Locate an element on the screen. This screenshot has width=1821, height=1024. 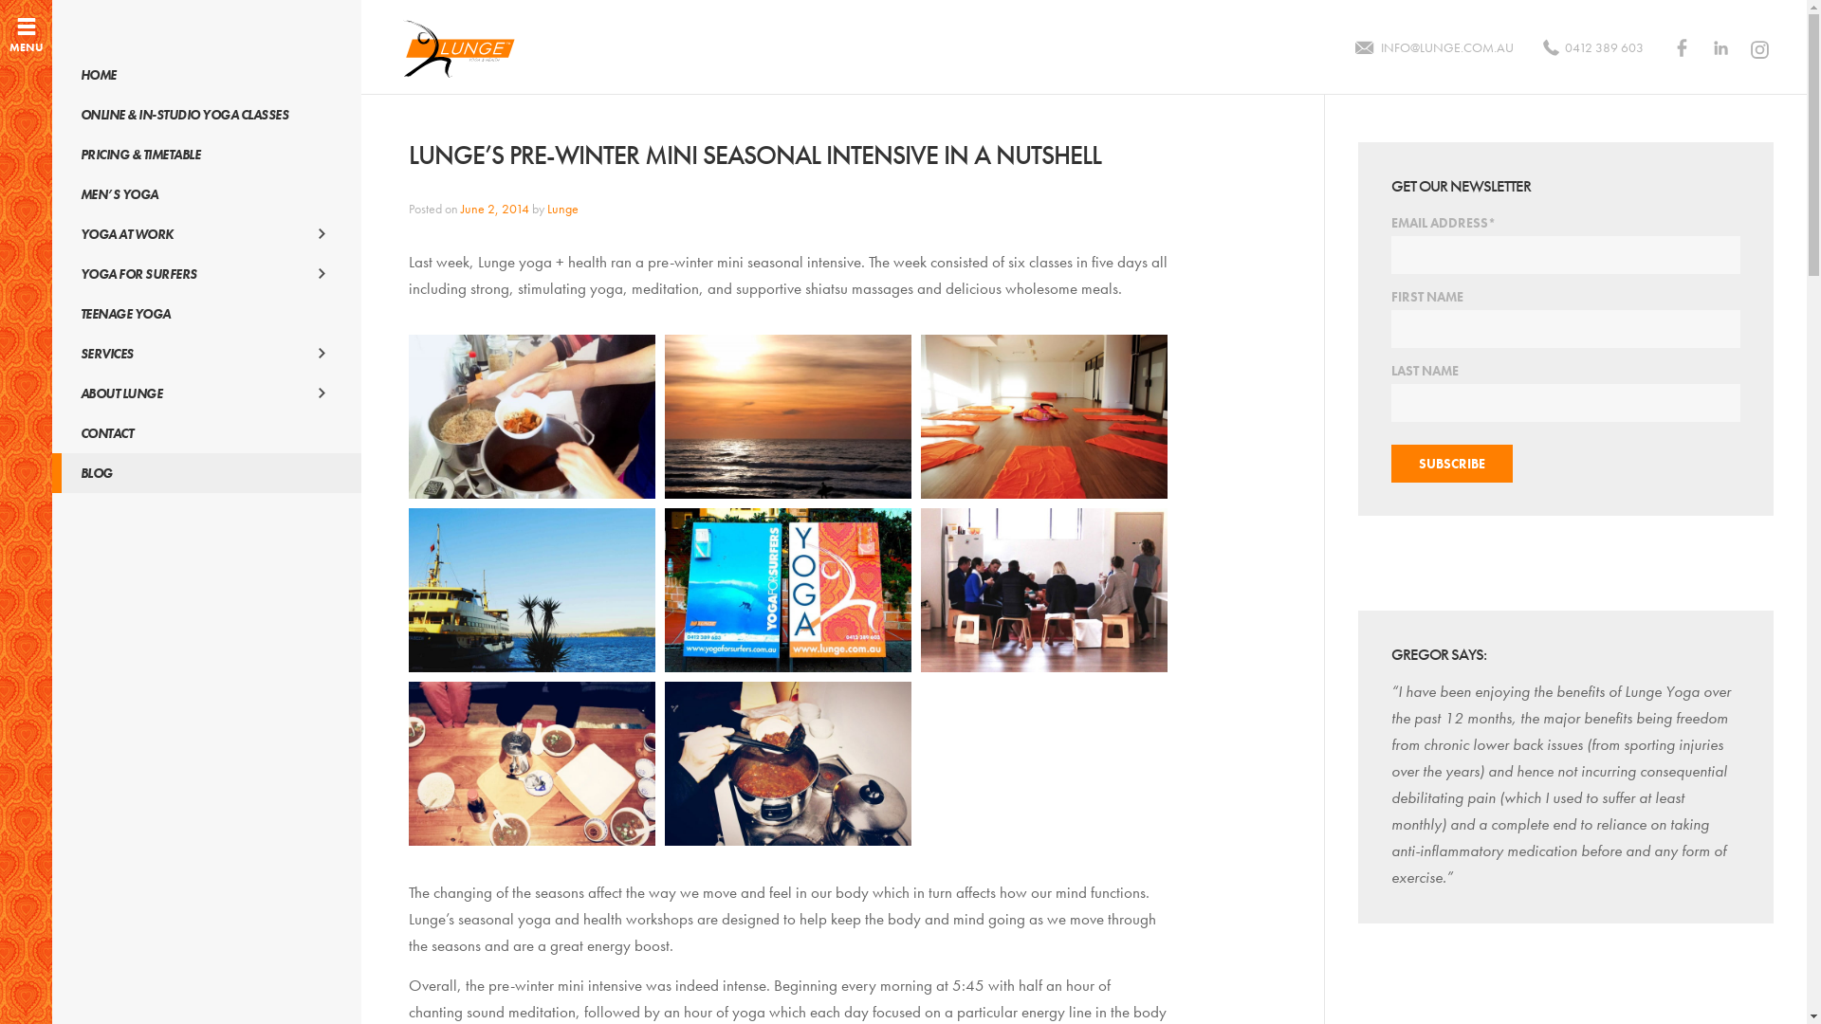
'June 2, 2014' is located at coordinates (495, 208).